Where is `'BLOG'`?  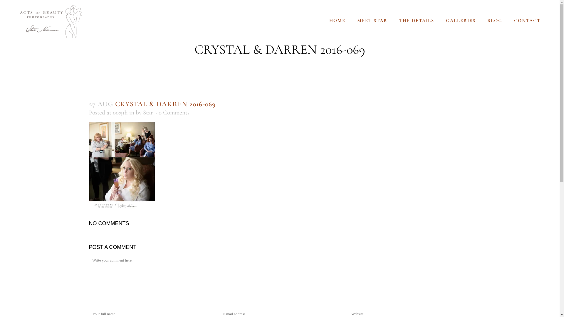 'BLOG' is located at coordinates (494, 20).